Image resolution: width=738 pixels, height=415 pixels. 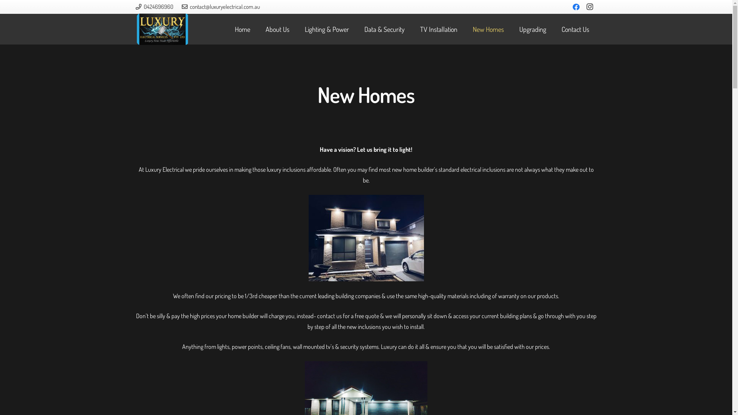 I want to click on 'Facebook', so click(x=576, y=7).